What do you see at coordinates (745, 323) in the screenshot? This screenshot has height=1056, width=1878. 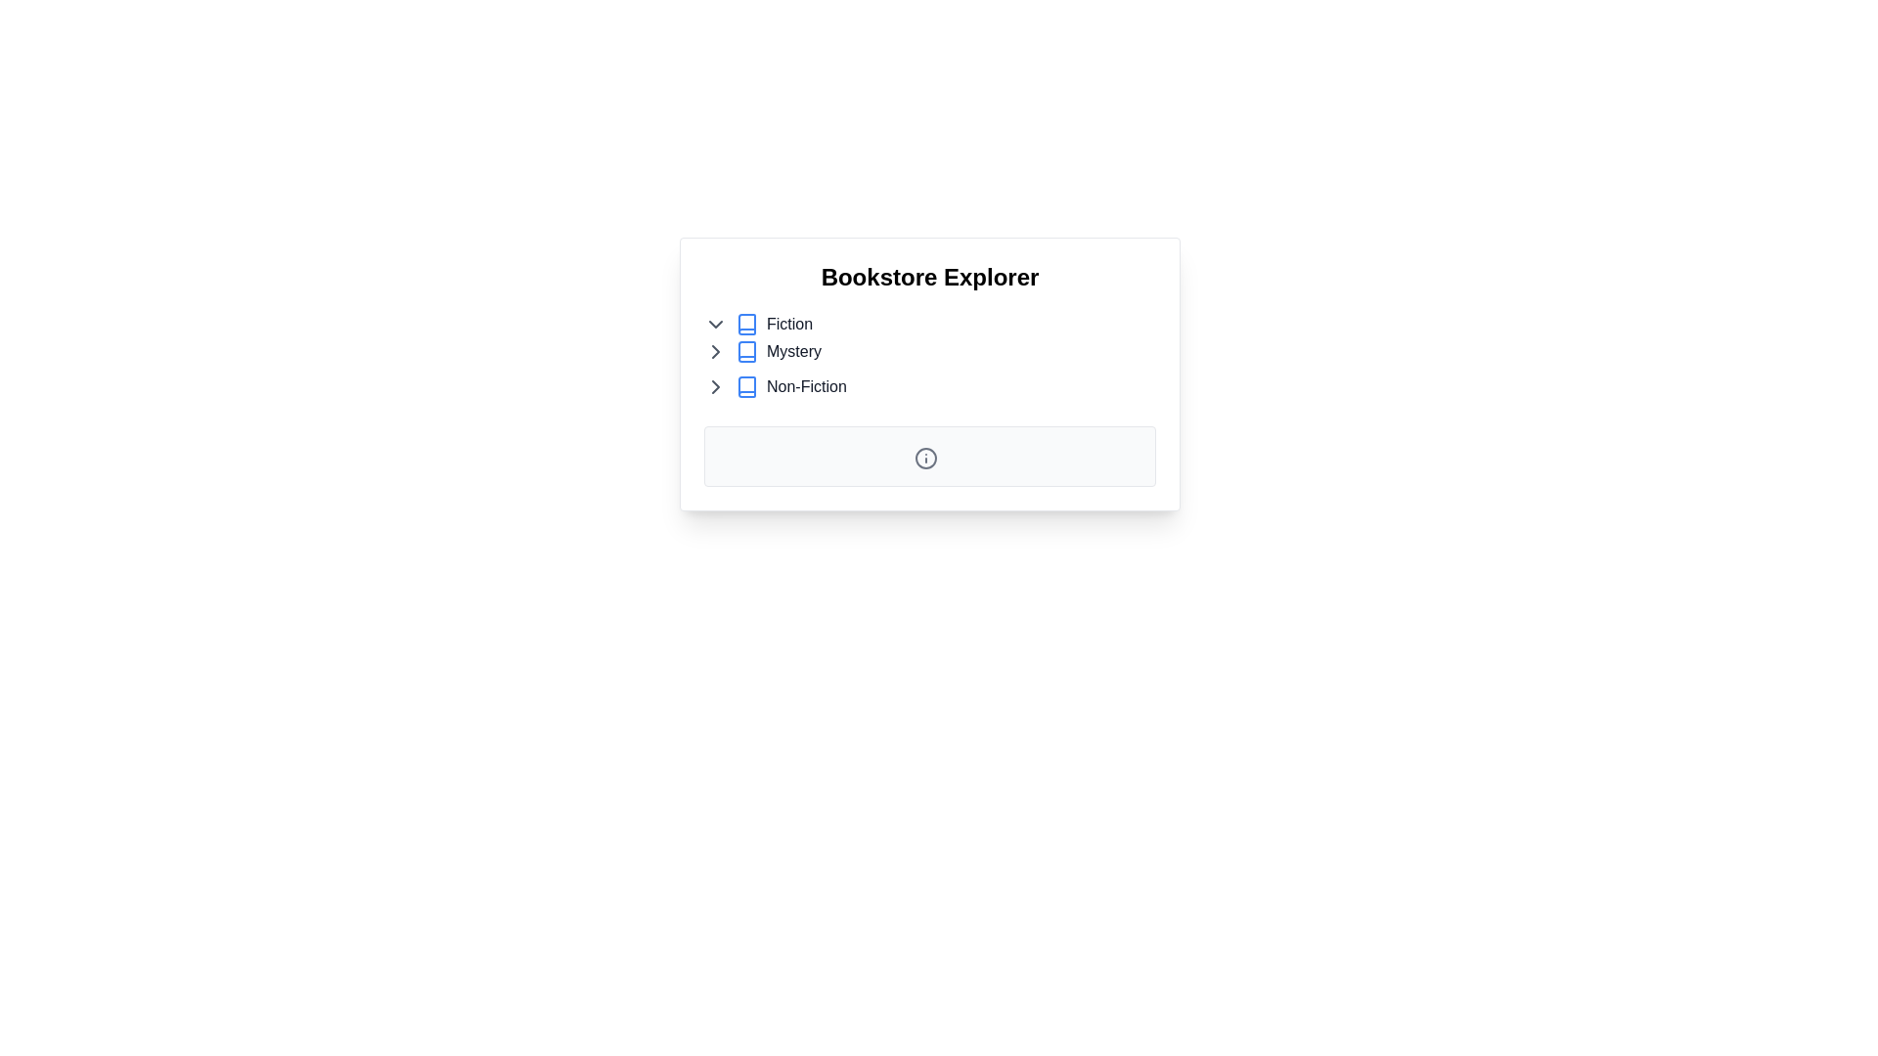 I see `the 'Fiction' category icon in the Bookstore Explorer list, which is the first item and visually represents the Fiction category` at bounding box center [745, 323].